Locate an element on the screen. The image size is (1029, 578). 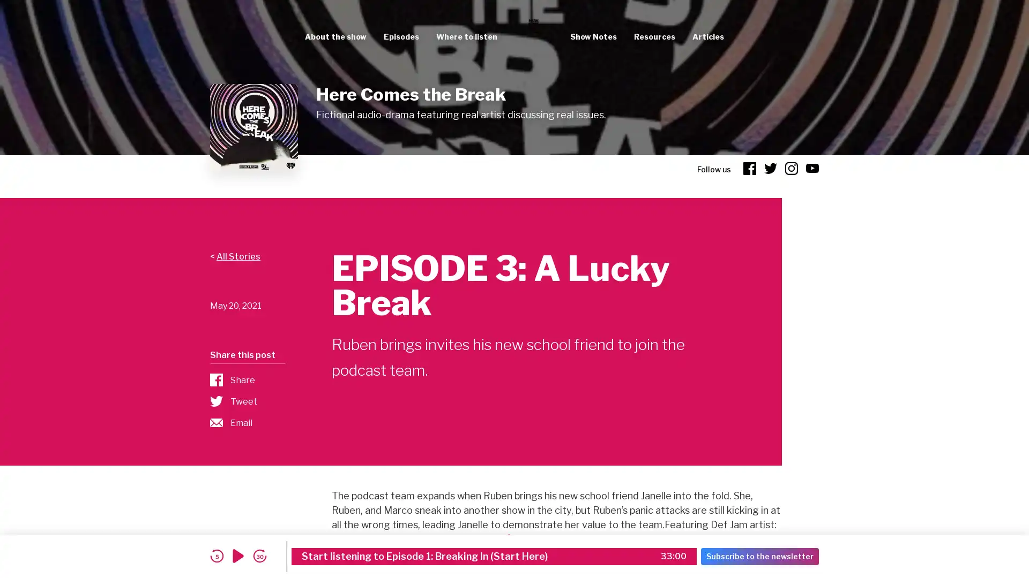
skip forward 30 seconds is located at coordinates (259, 556).